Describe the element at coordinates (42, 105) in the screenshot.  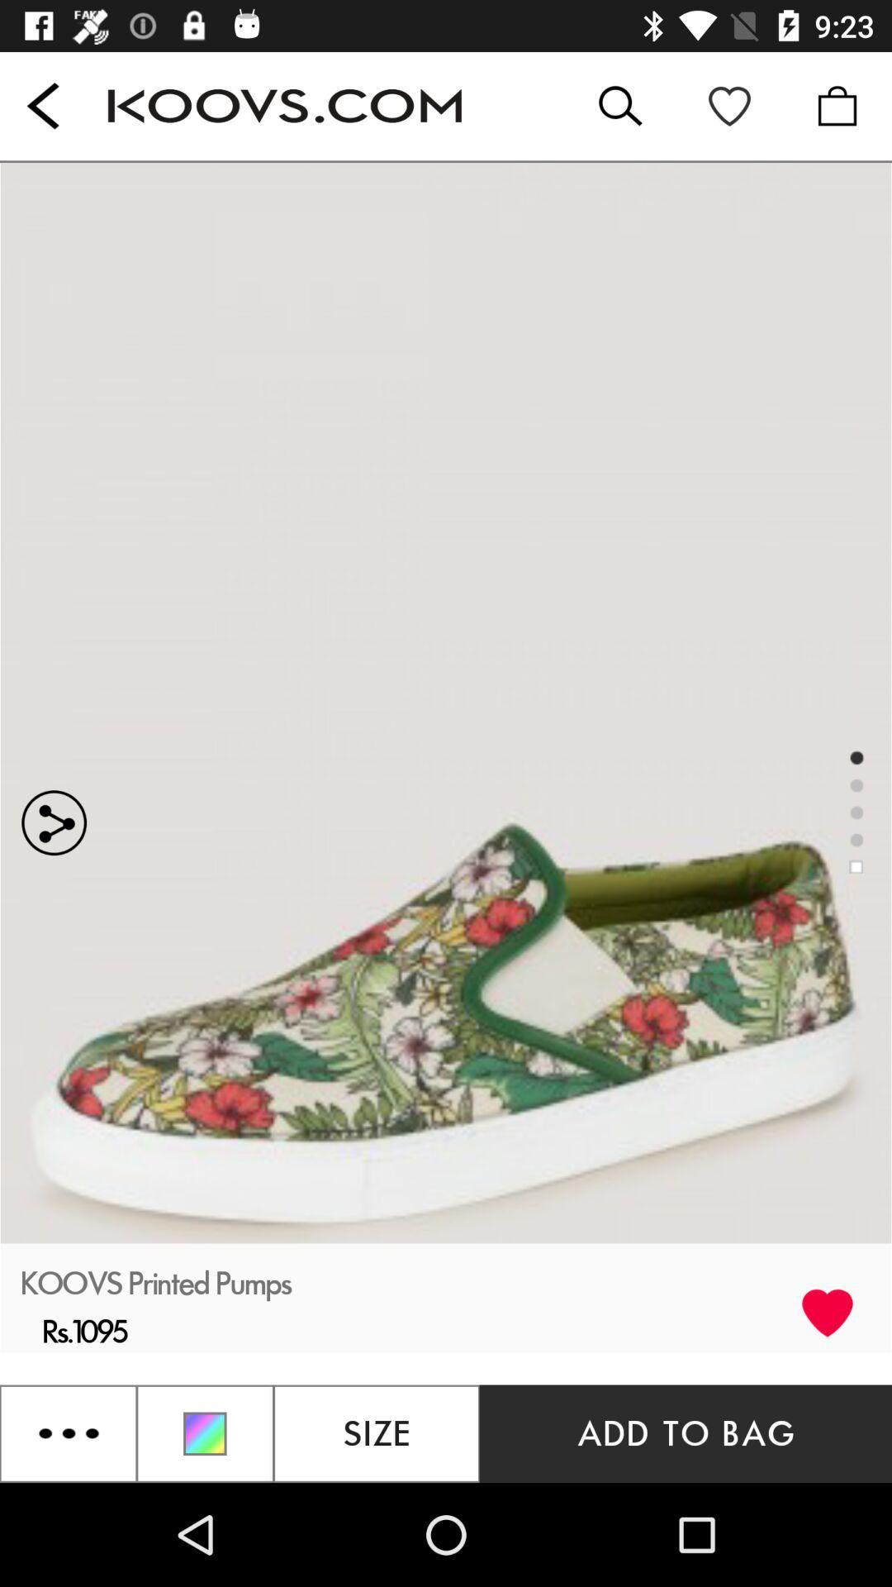
I see `the arrow_backward icon` at that location.